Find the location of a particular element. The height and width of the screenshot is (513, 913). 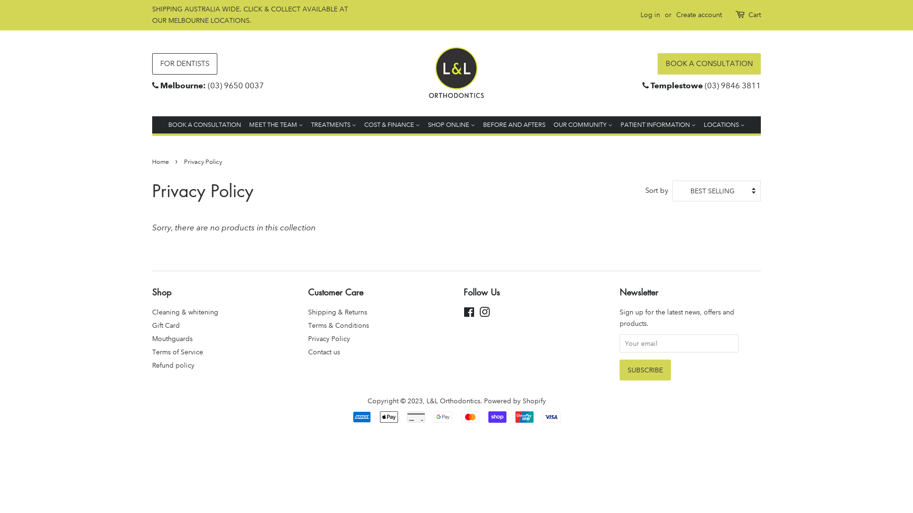

'OUR COMMUNITY' is located at coordinates (582, 124).